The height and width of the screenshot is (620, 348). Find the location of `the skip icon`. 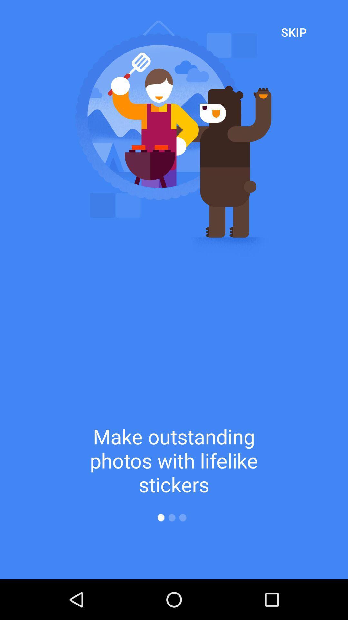

the skip icon is located at coordinates (294, 32).